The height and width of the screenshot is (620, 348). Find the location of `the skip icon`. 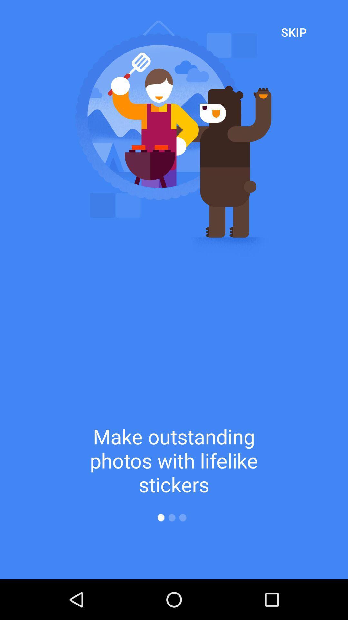

the skip icon is located at coordinates (294, 32).